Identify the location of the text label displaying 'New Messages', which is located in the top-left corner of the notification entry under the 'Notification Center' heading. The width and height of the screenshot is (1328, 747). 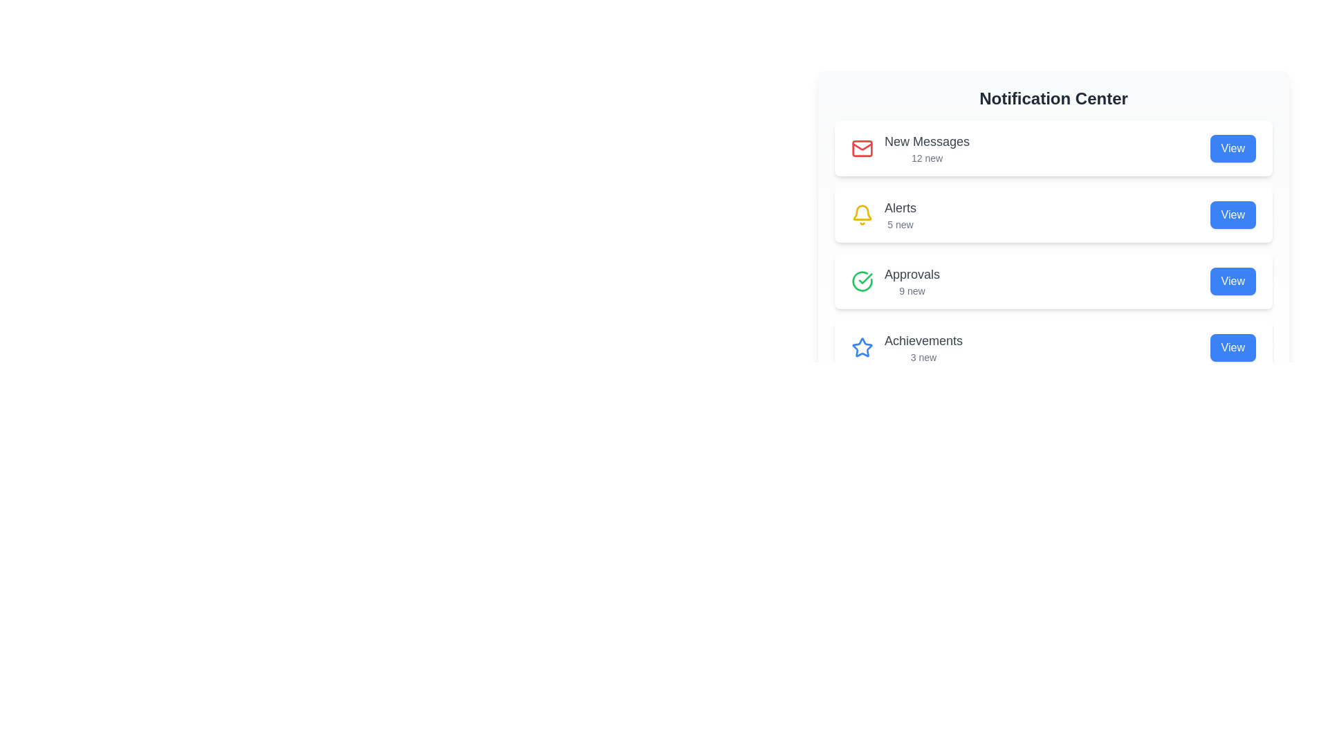
(927, 141).